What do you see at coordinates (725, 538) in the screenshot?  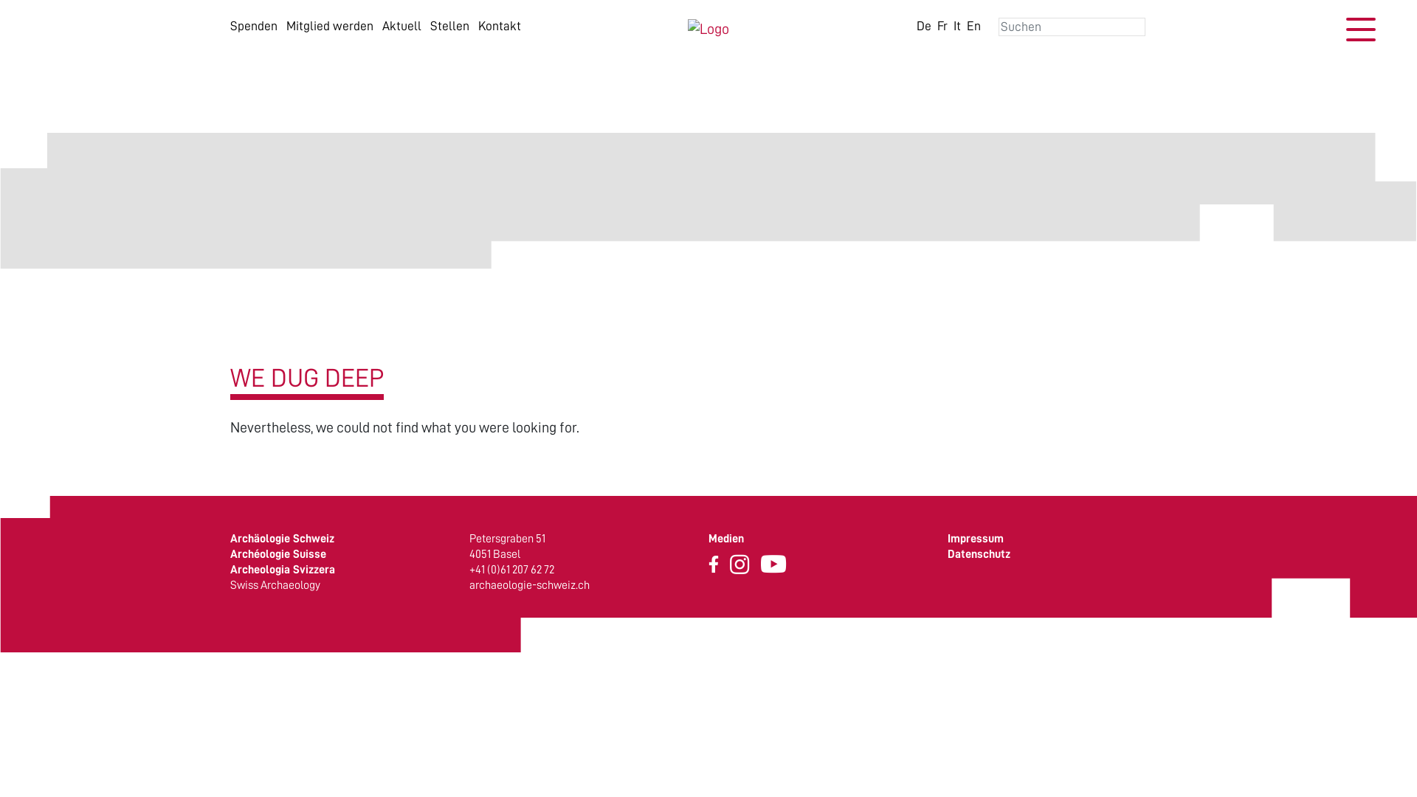 I see `'Medien'` at bounding box center [725, 538].